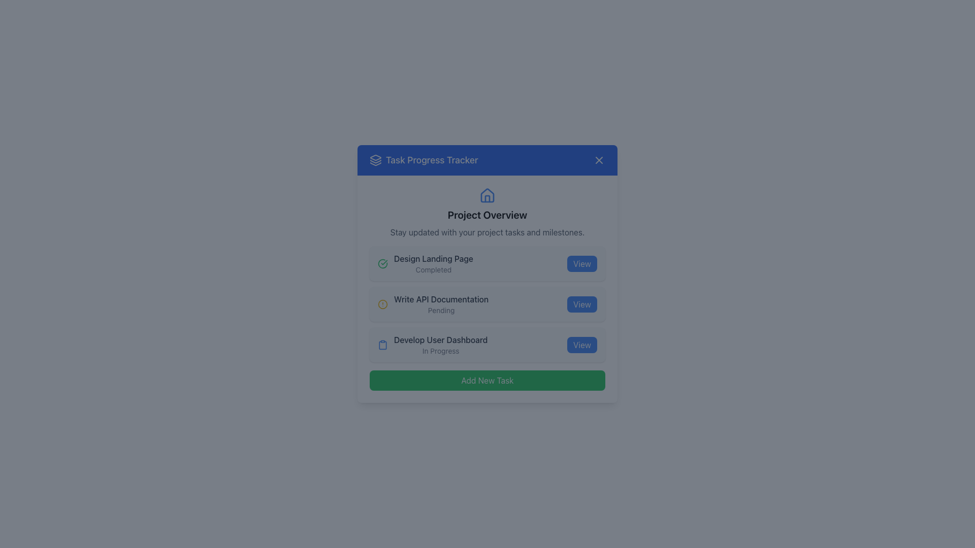  Describe the element at coordinates (441, 350) in the screenshot. I see `the text label displaying 'In Progress'` at that location.